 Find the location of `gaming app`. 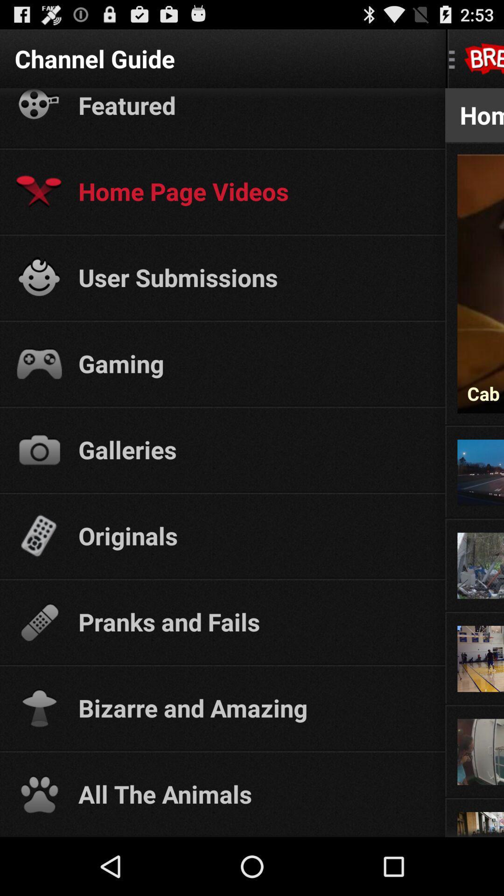

gaming app is located at coordinates (253, 363).